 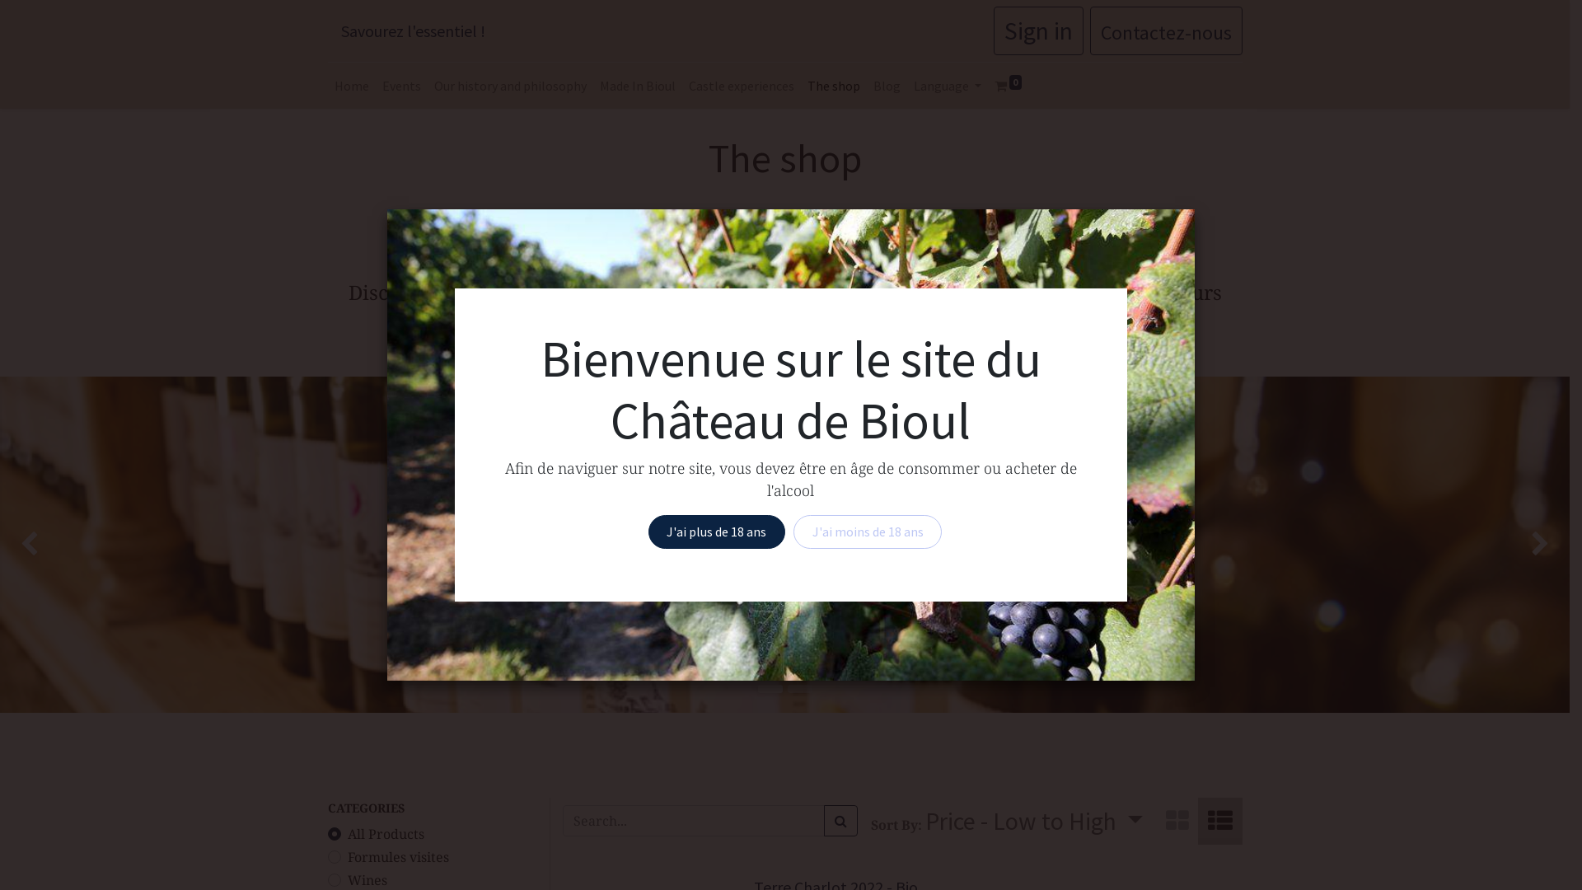 What do you see at coordinates (508, 86) in the screenshot?
I see `'Our history and philosophy'` at bounding box center [508, 86].